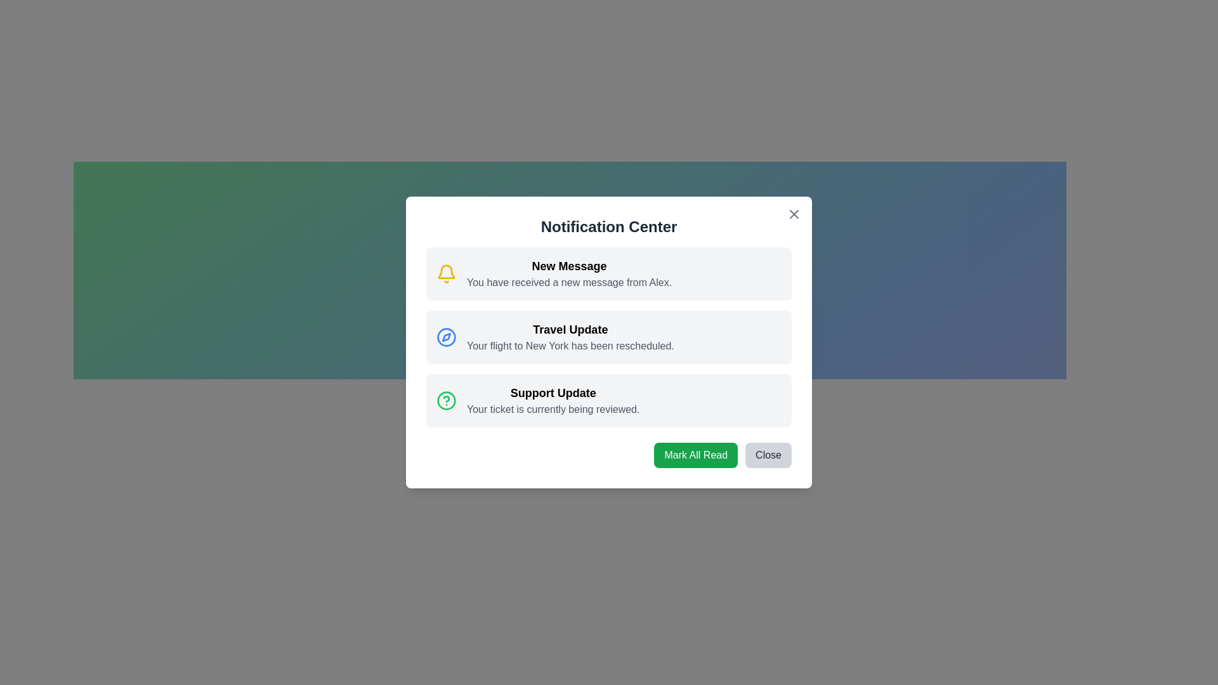 The width and height of the screenshot is (1218, 685). I want to click on the second notification message in the Notification list, which contains a blue compass icon and the text 'Travel Update' followed by 'Your flight to New York has been rescheduled.', so click(609, 337).